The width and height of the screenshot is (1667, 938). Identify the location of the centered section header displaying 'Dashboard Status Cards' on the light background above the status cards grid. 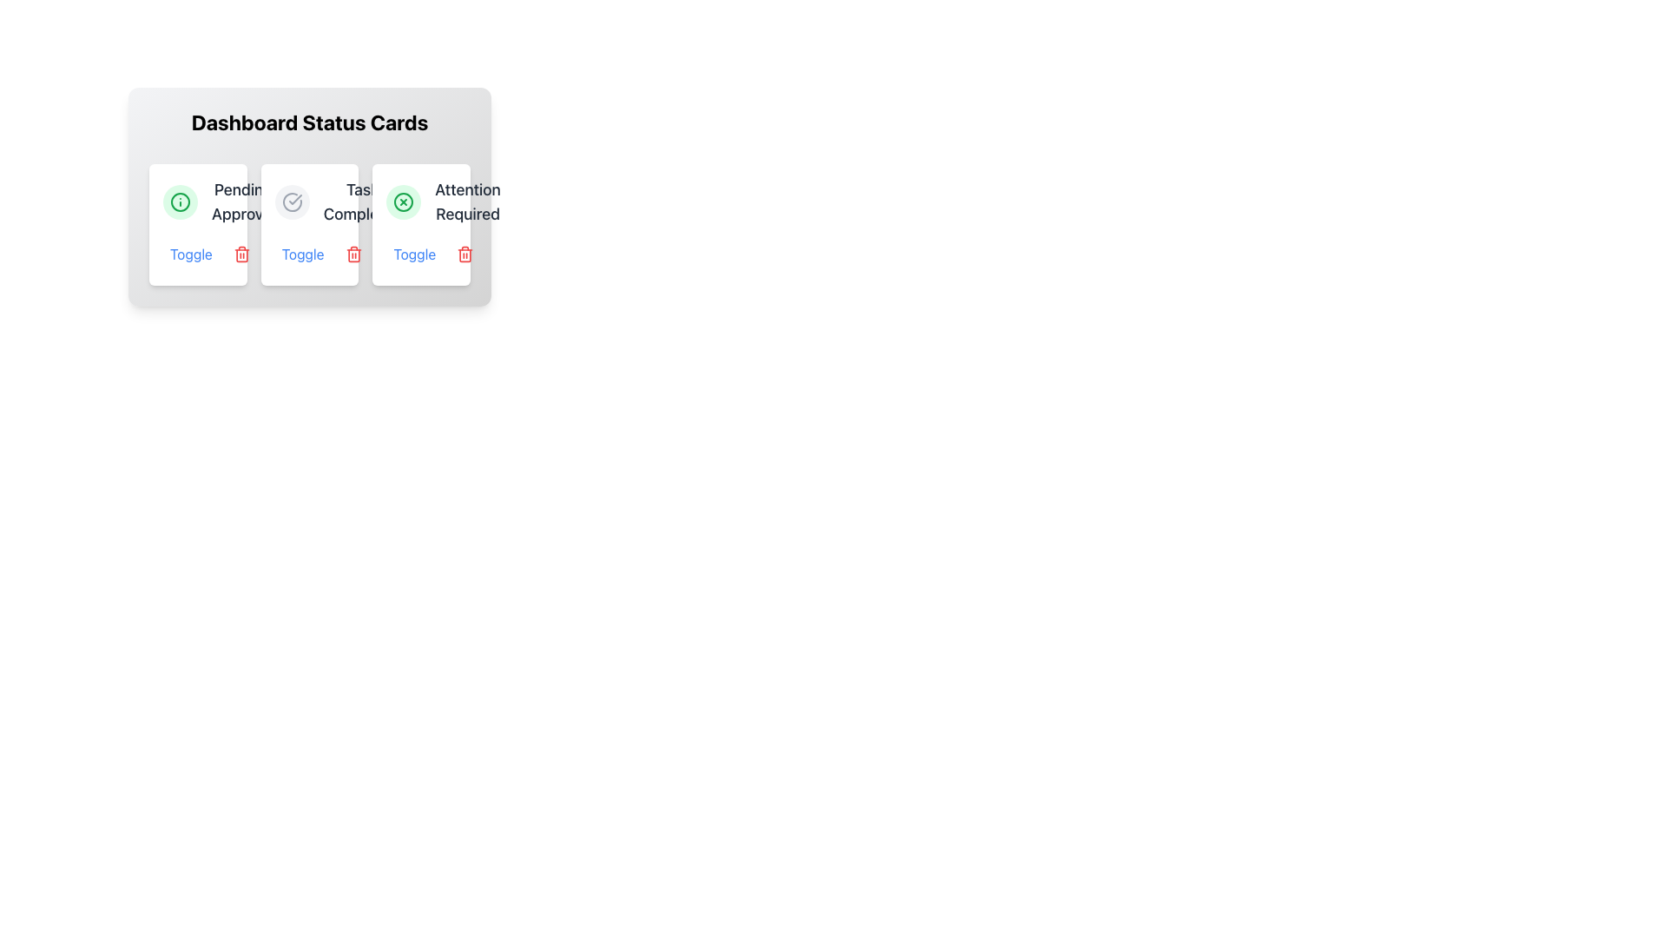
(309, 122).